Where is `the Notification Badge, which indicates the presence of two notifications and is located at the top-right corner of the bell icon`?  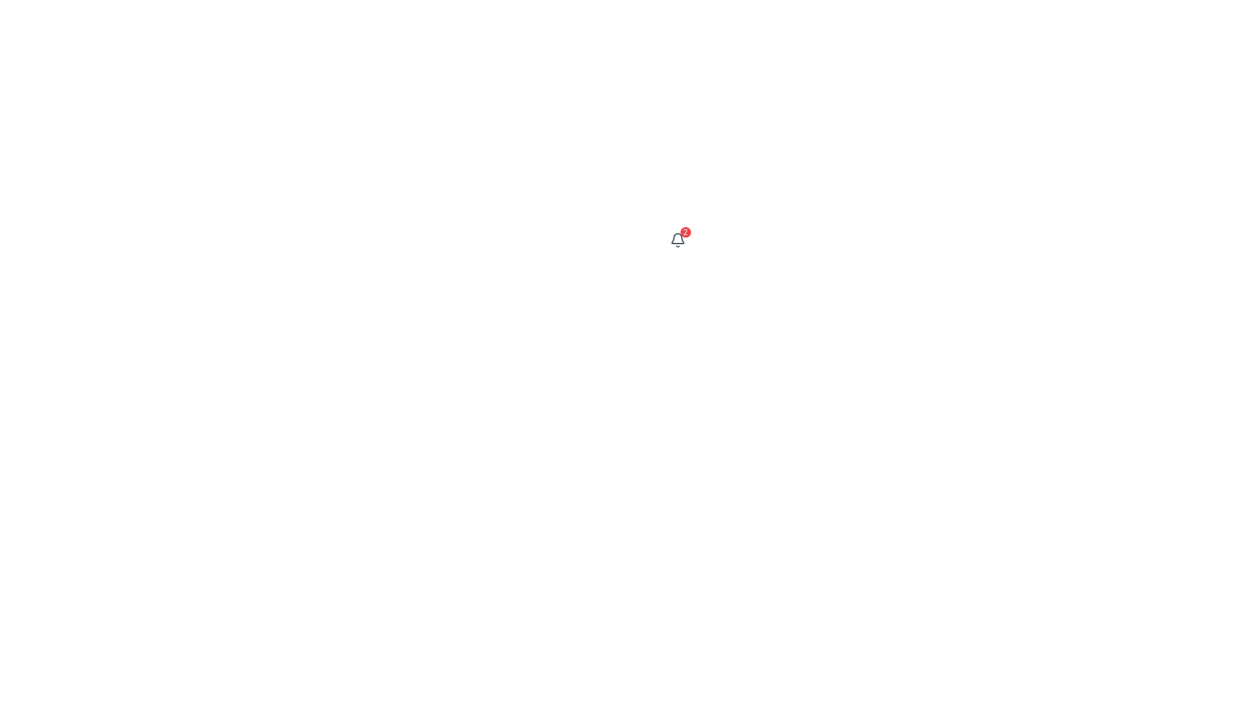 the Notification Badge, which indicates the presence of two notifications and is located at the top-right corner of the bell icon is located at coordinates (677, 240).